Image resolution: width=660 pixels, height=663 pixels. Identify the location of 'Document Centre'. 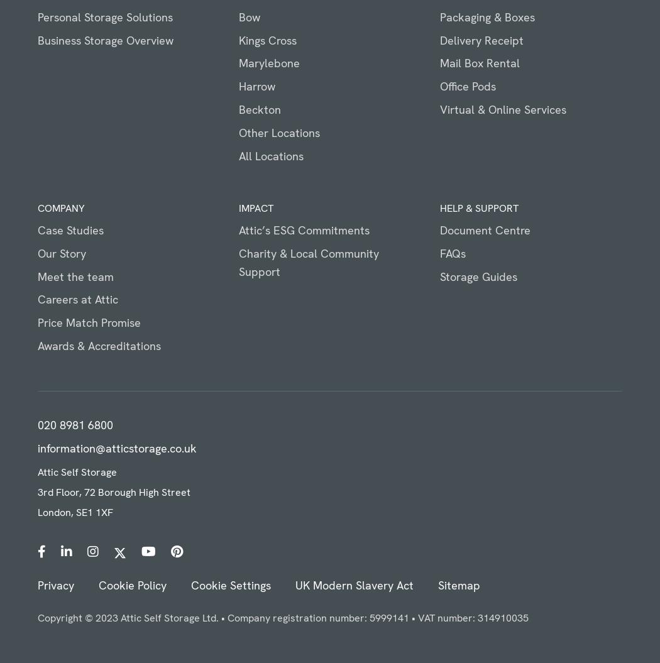
(485, 229).